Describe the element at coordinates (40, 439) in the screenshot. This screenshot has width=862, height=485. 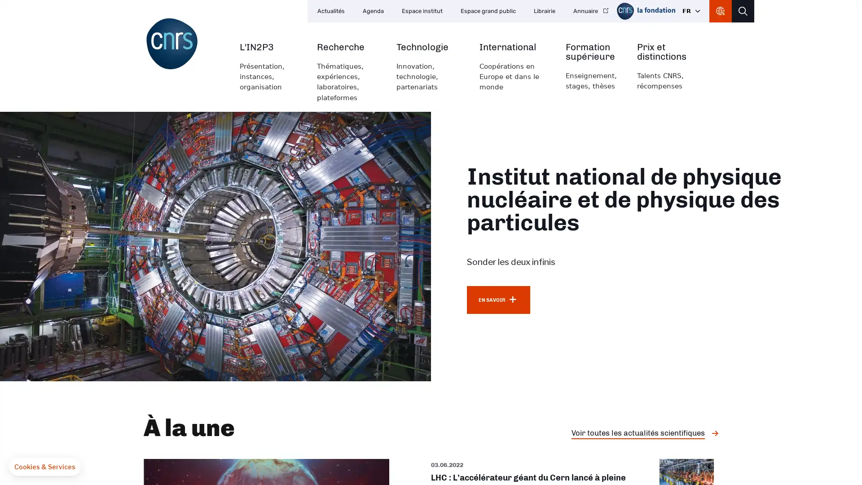
I see `Non merci` at that location.